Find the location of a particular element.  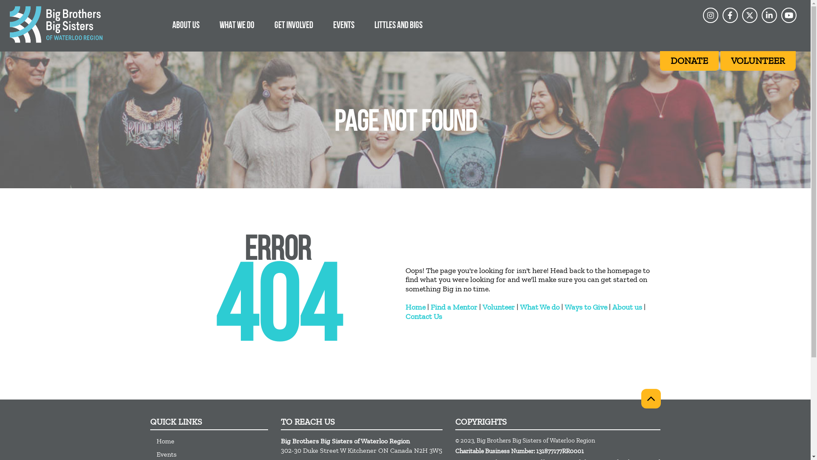

'Find a Mentor' is located at coordinates (431, 307).